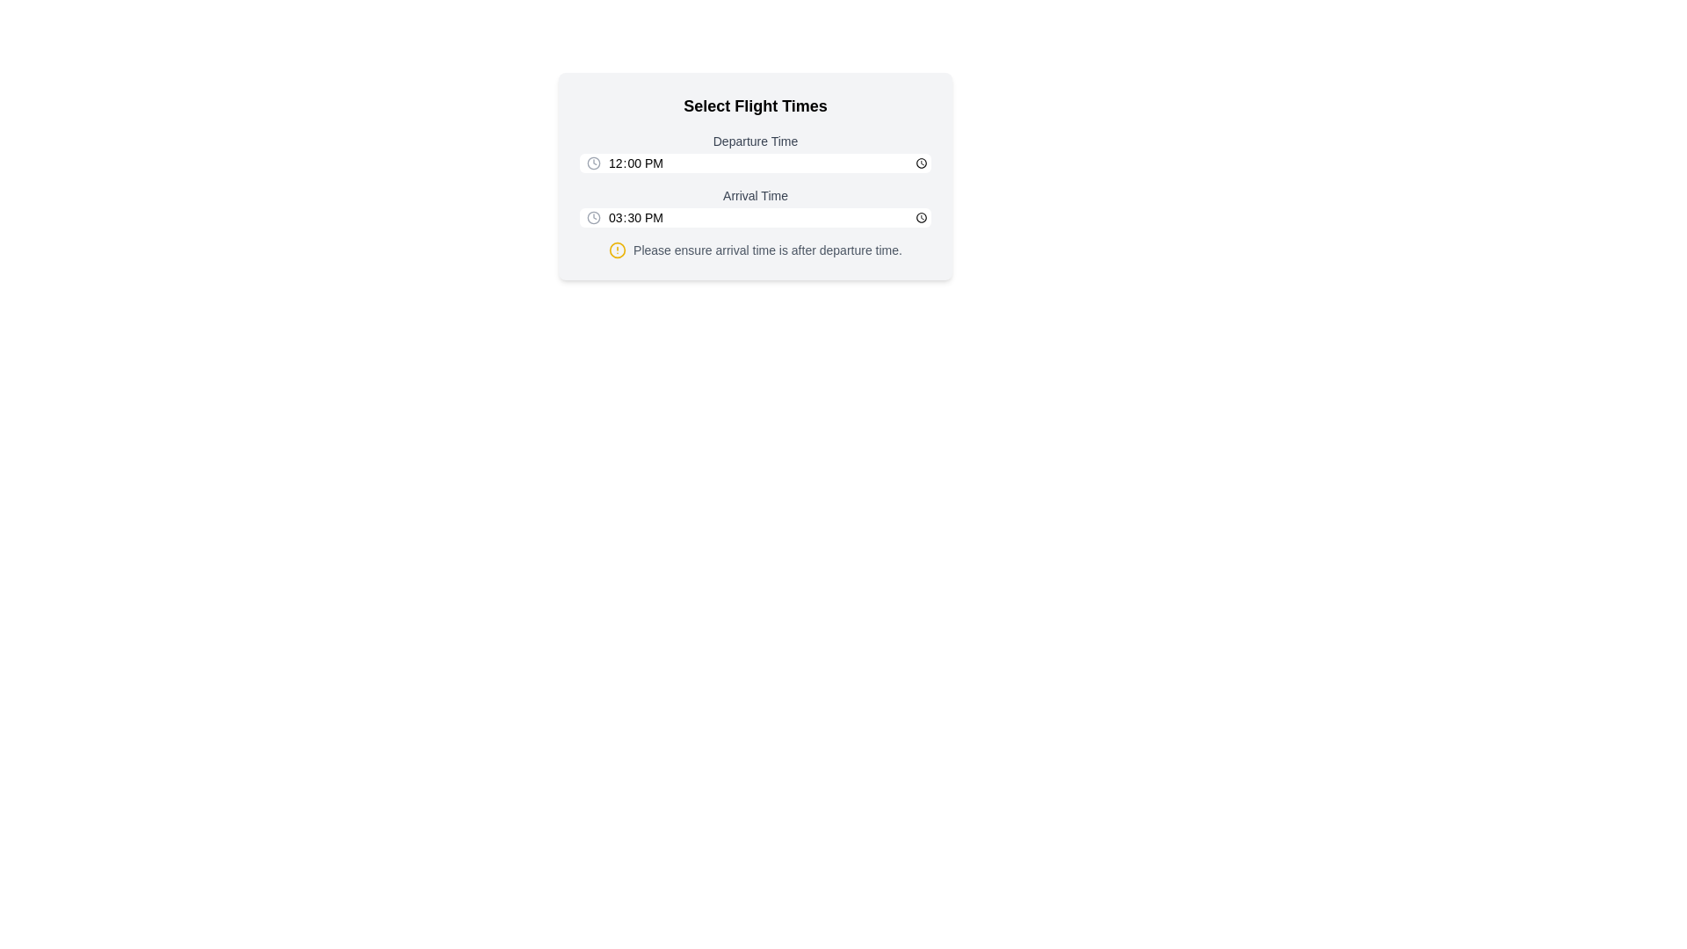  I want to click on the 'Arrival Time' label, which provides context for the following input field and is positioned directly above the related clock icon and input field, so click(755, 196).